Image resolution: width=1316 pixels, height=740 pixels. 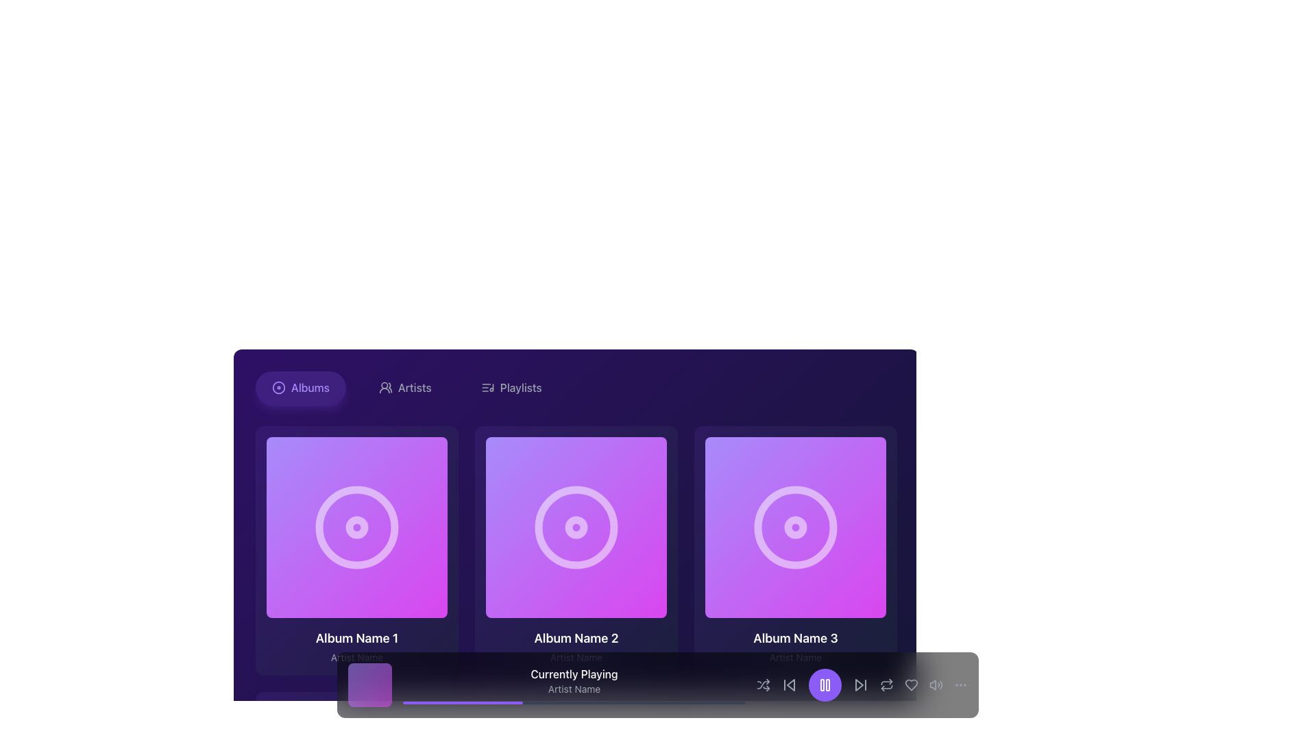 I want to click on the slider, so click(x=528, y=703).